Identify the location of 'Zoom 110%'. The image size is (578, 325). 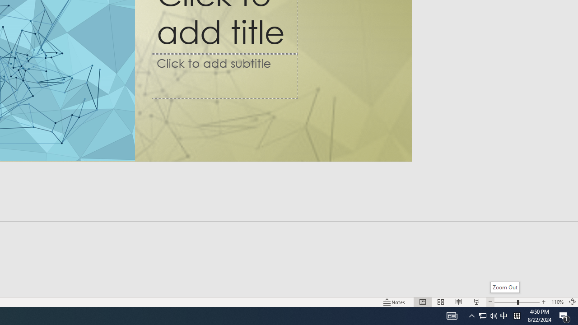
(557, 302).